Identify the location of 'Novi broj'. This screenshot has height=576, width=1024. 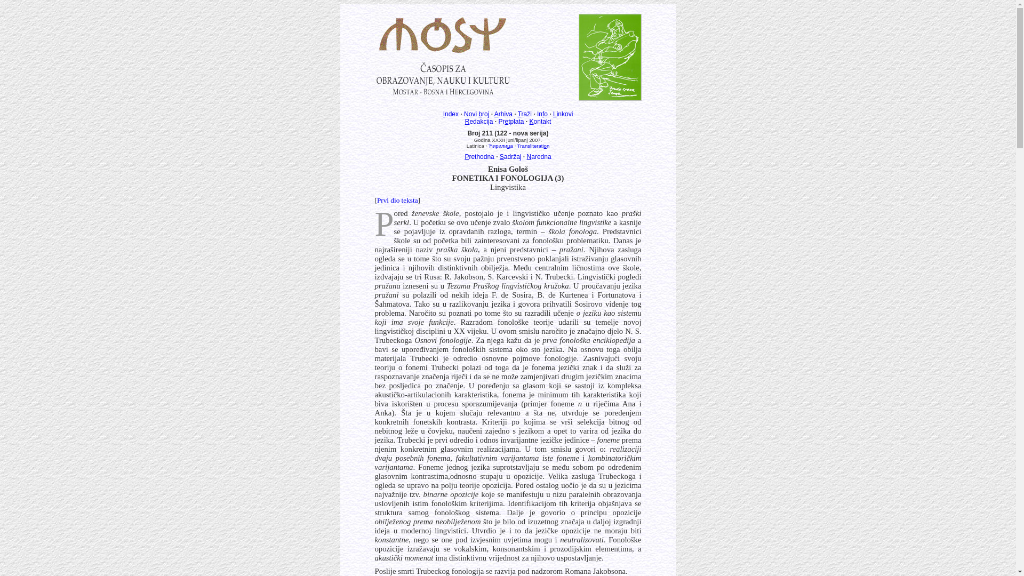
(463, 114).